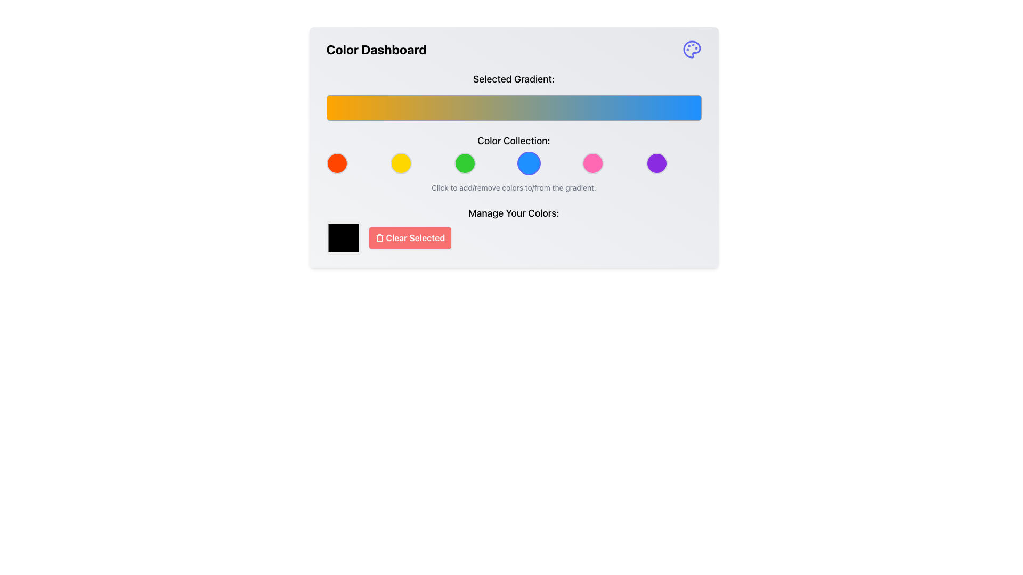  What do you see at coordinates (376, 49) in the screenshot?
I see `header text element labeled 'Color Dashboard' located at the top-left region of the interface` at bounding box center [376, 49].